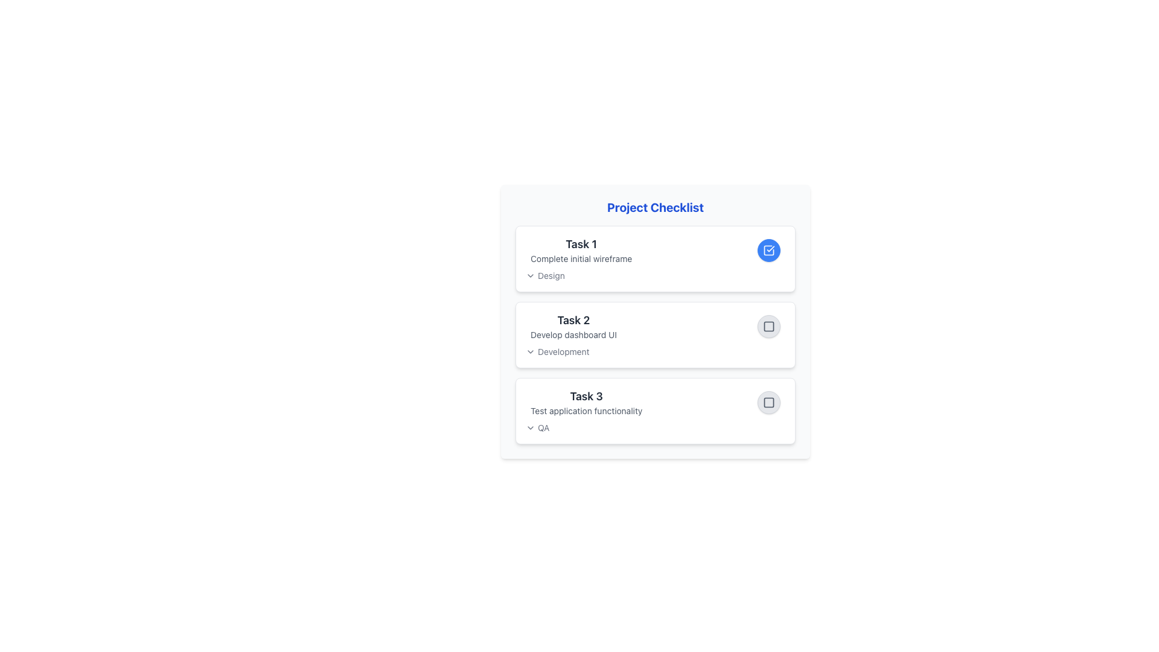  I want to click on the small, square-shaped red fill area icon with rounded corners located at the right end of the card header for 'Task 3 - Test application functionality.', so click(768, 403).